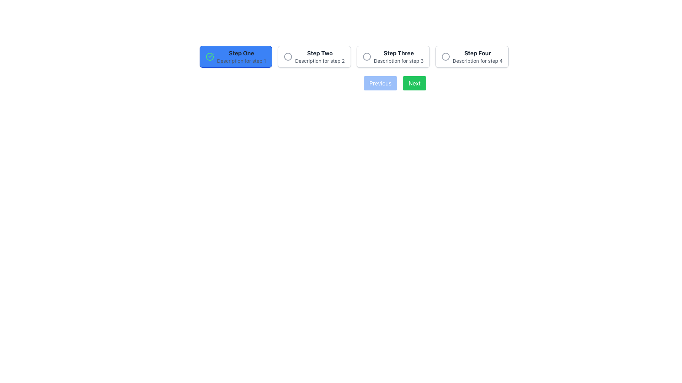  I want to click on the status of the circular icon with a thick border located to the left of the 'Step Two' text, indicating an inactive state in the step progress indicator, so click(288, 56).